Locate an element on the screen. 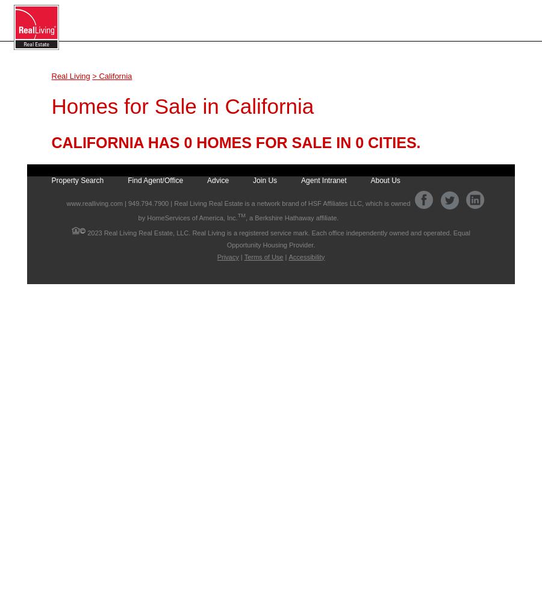  '| Real Living Real Estate is a network brand of HSF Affiliates LLC, which is owned by HomeServices of America, Inc.' is located at coordinates (273, 209).